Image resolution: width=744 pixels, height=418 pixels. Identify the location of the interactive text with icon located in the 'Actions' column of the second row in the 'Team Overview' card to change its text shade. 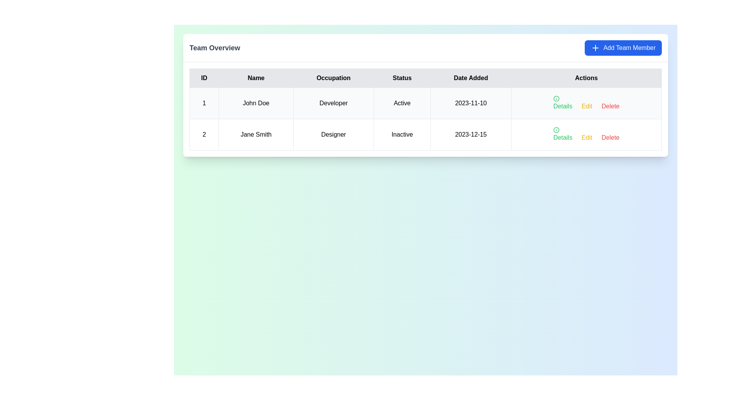
(563, 134).